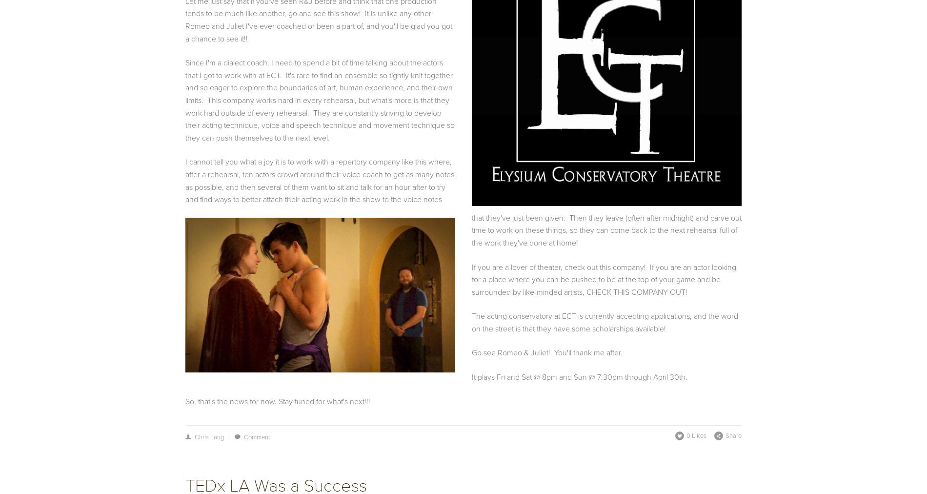 This screenshot has width=927, height=494. What do you see at coordinates (185, 100) in the screenshot?
I see `'Since I'm a dialect coach, I need to spend a bit of time talking about the actors that I got to work with at ECT.  It's rare to find an ensemble so tightly knit together and so eager to explore the boundaries of art, human experience, and their own limits.  This company works hard in every rehearsal, but what's more is that they work hard outside of every rehearsal.  They are constantly striving to develop their acting technique, voice and speech technique and movement technique so they can push themselves to the next level.'` at bounding box center [185, 100].